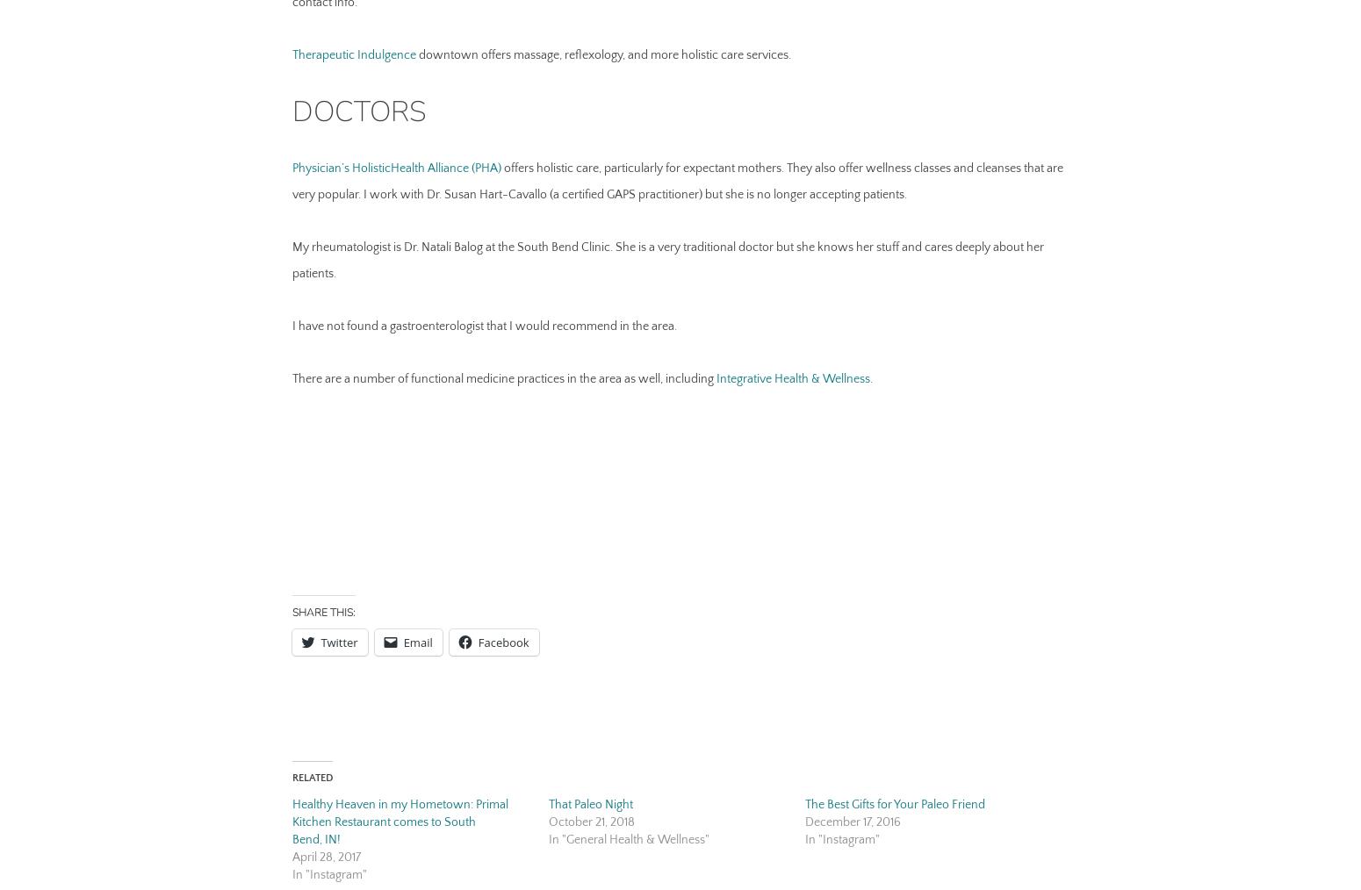 The width and height of the screenshot is (1361, 890). Describe the element at coordinates (484, 325) in the screenshot. I see `'I have not found a gastroenterologist that I would recommend in the area.'` at that location.